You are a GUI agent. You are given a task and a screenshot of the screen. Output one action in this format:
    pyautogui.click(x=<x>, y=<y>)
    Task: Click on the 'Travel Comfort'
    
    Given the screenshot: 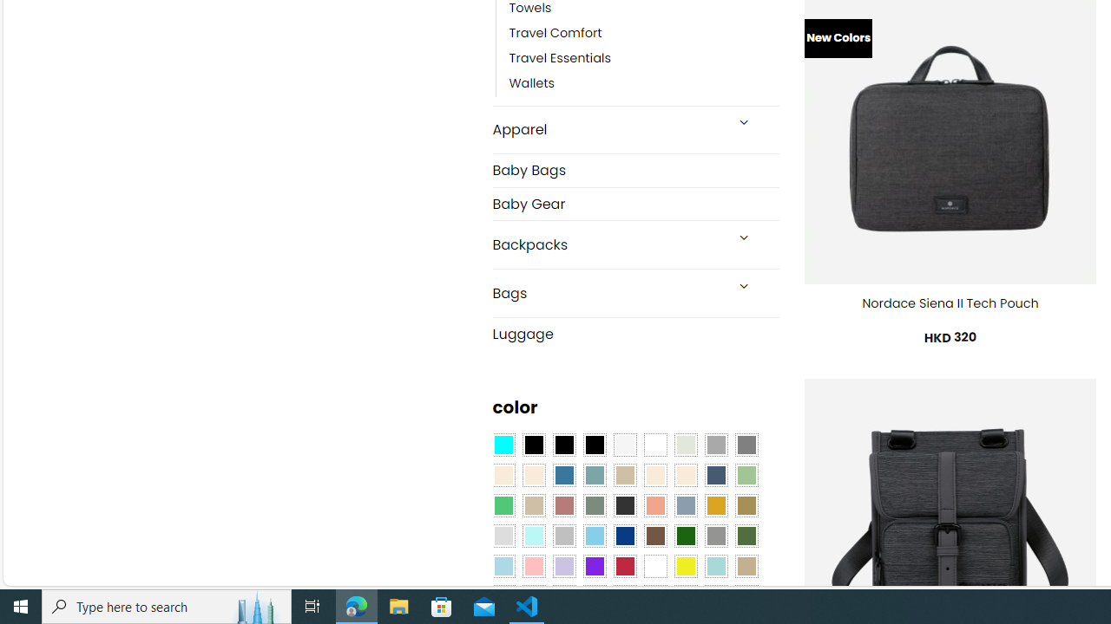 What is the action you would take?
    pyautogui.click(x=555, y=33)
    